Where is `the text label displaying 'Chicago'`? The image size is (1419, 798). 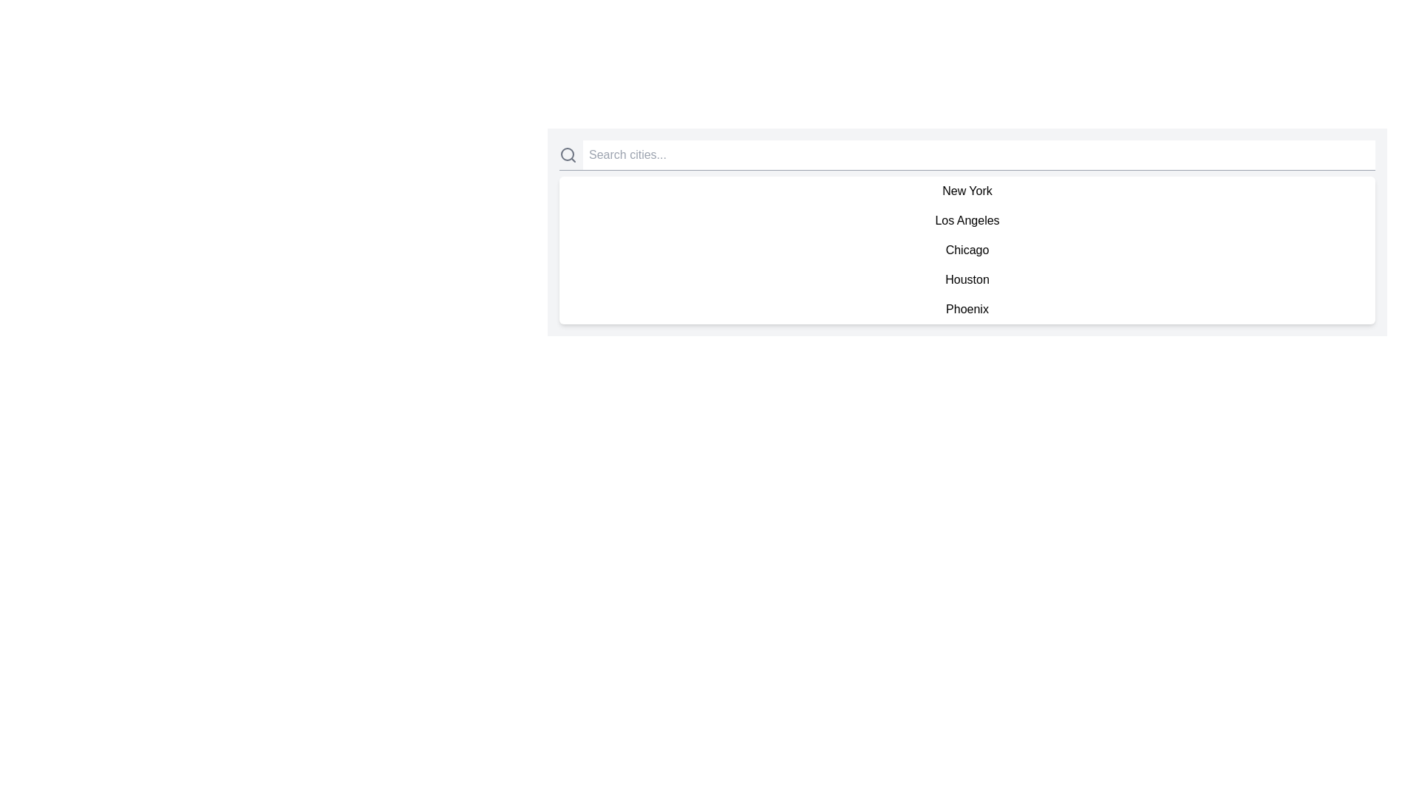
the text label displaying 'Chicago' is located at coordinates (967, 250).